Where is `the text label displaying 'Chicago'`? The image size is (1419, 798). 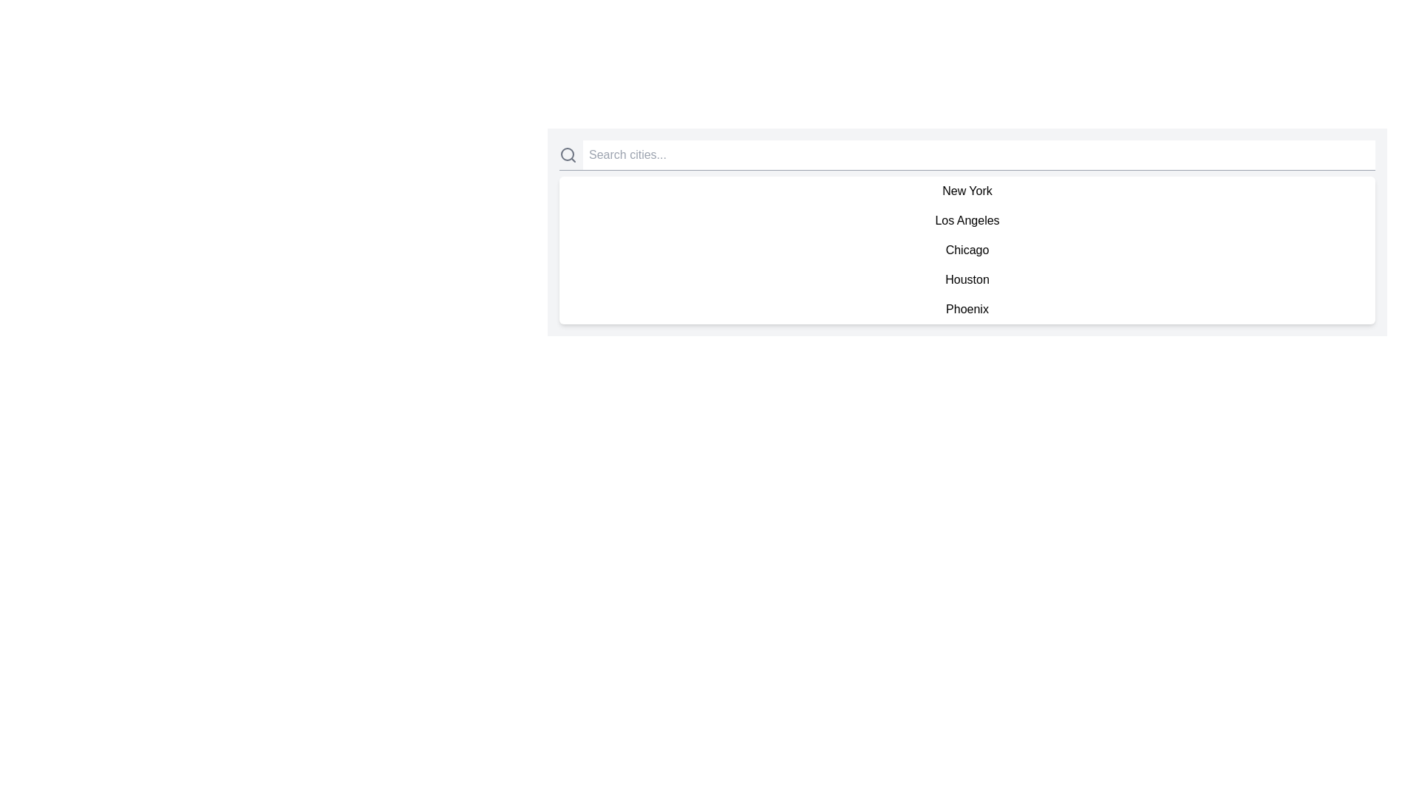
the text label displaying 'Chicago' is located at coordinates (967, 250).